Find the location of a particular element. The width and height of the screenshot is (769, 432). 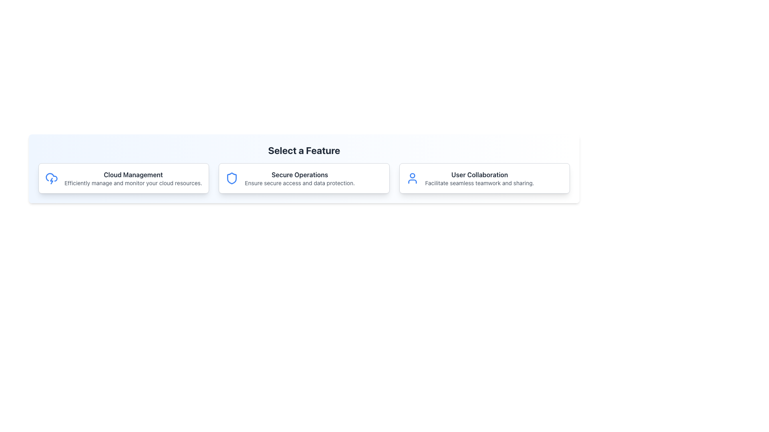

text content of the text block containing the title 'Secure Operations' and the description 'Ensure secure access and data protection.' is located at coordinates (299, 178).